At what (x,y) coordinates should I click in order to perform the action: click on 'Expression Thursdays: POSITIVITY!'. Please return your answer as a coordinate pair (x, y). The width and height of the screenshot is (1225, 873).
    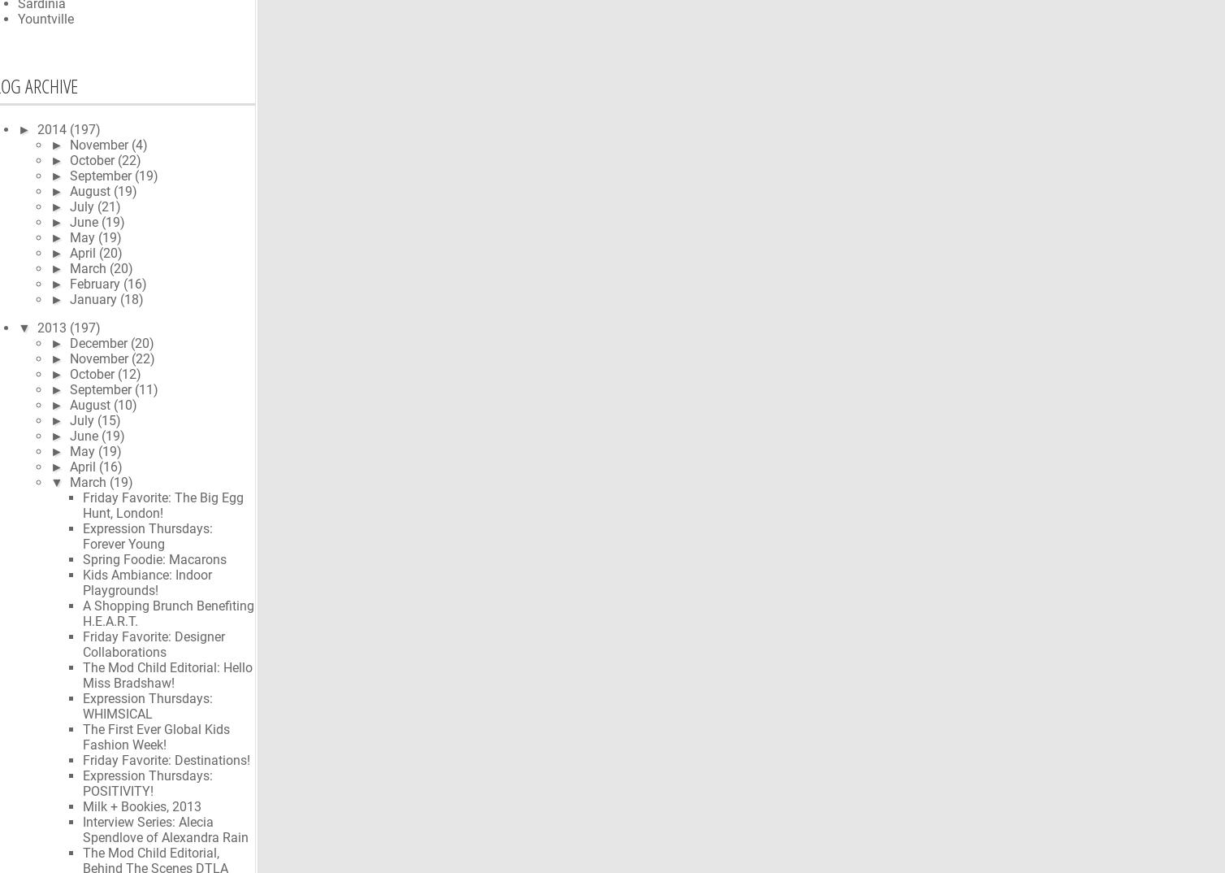
    Looking at the image, I should click on (148, 782).